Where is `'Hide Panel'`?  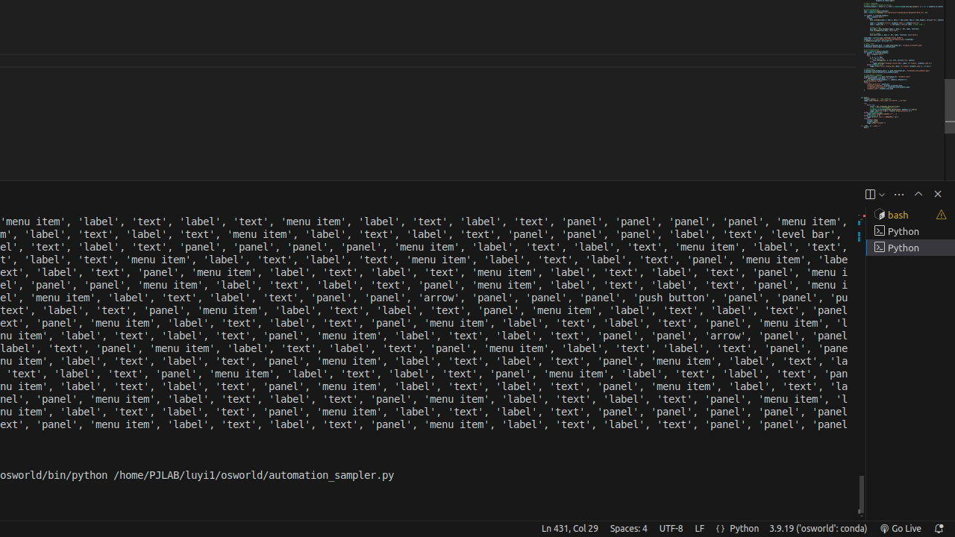 'Hide Panel' is located at coordinates (936, 192).